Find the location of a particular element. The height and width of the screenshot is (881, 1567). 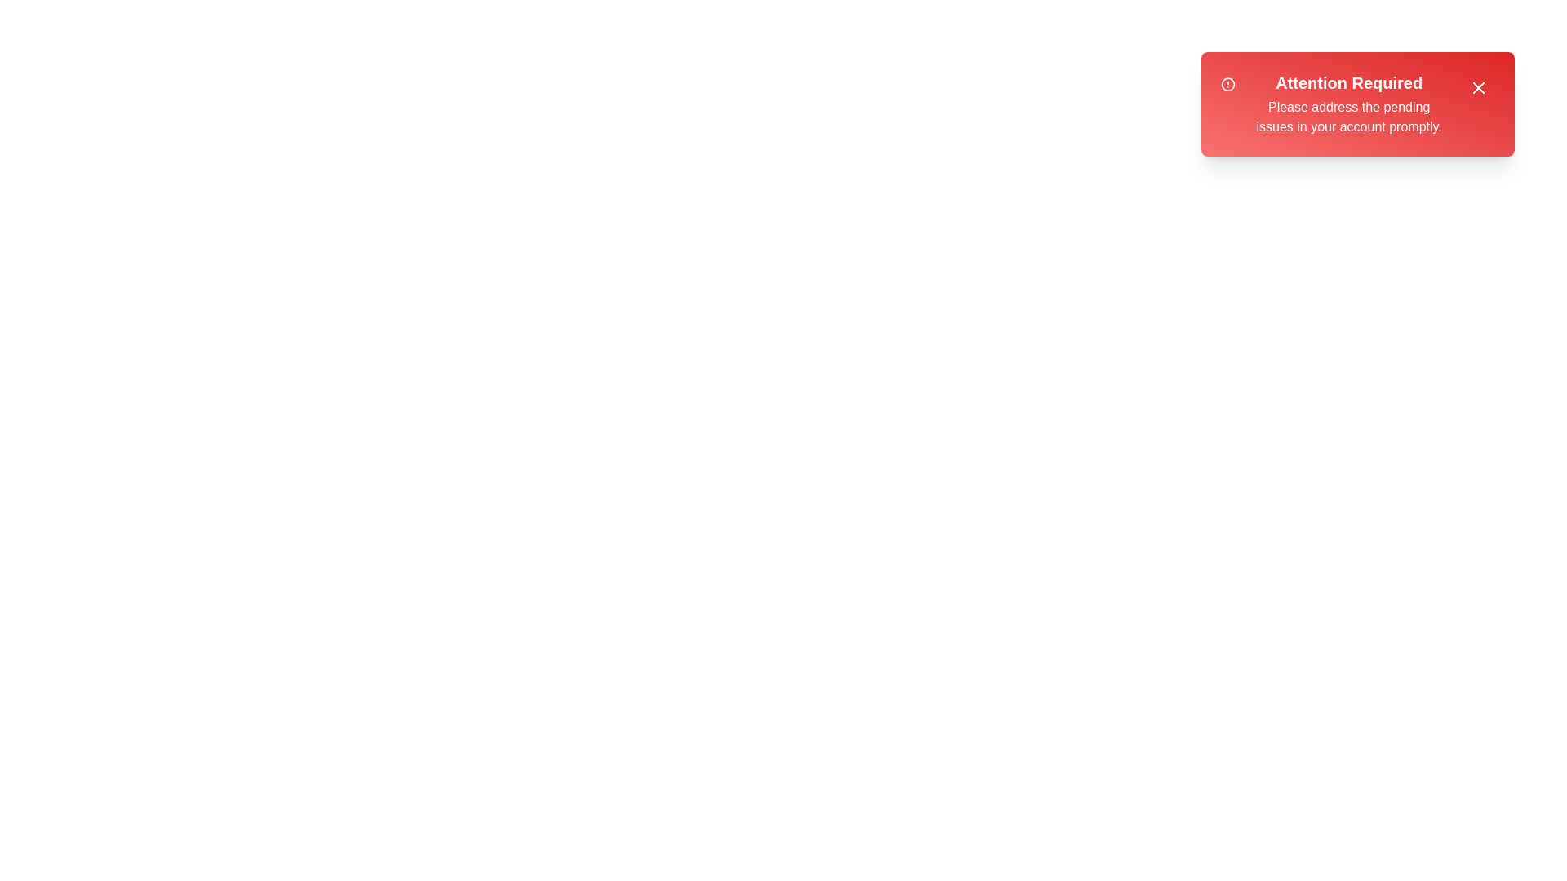

the alert icon to interact with it is located at coordinates (1228, 85).